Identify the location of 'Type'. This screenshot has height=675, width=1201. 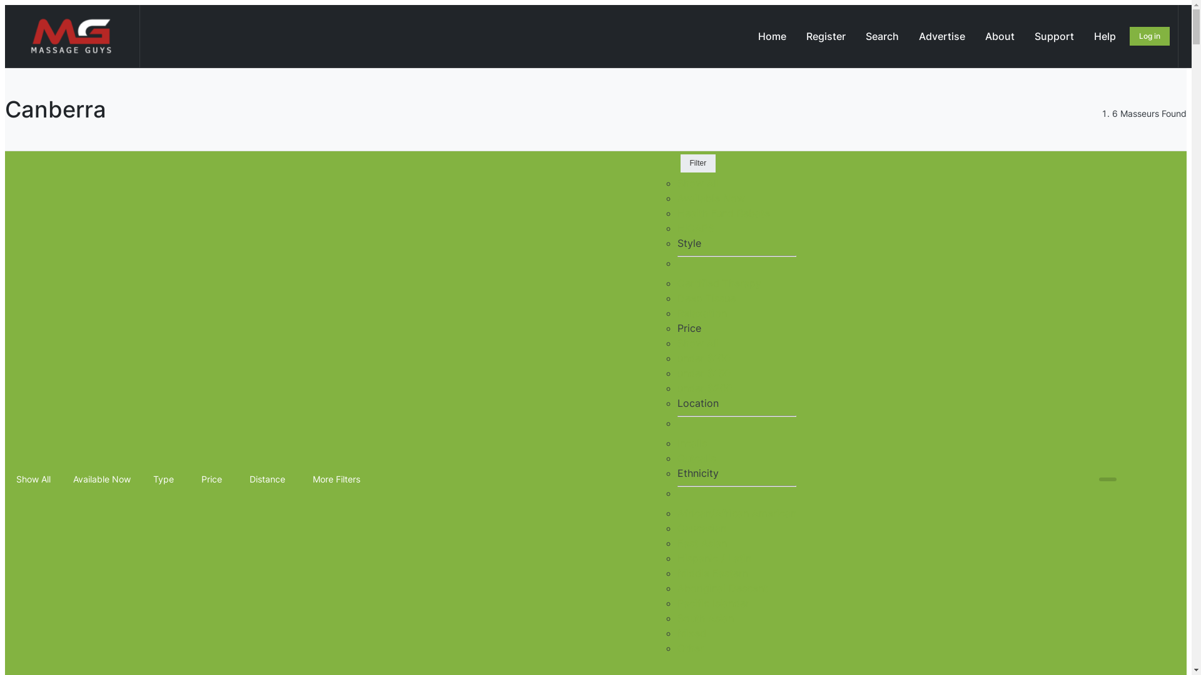
(165, 479).